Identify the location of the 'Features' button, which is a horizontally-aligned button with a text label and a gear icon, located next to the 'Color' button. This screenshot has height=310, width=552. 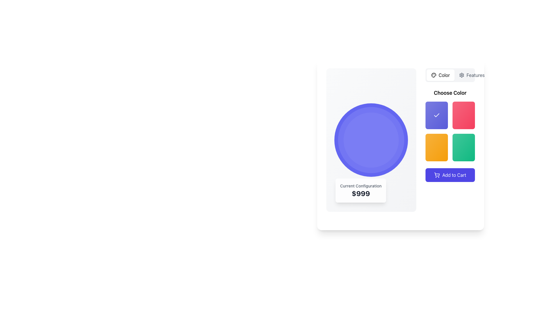
(472, 75).